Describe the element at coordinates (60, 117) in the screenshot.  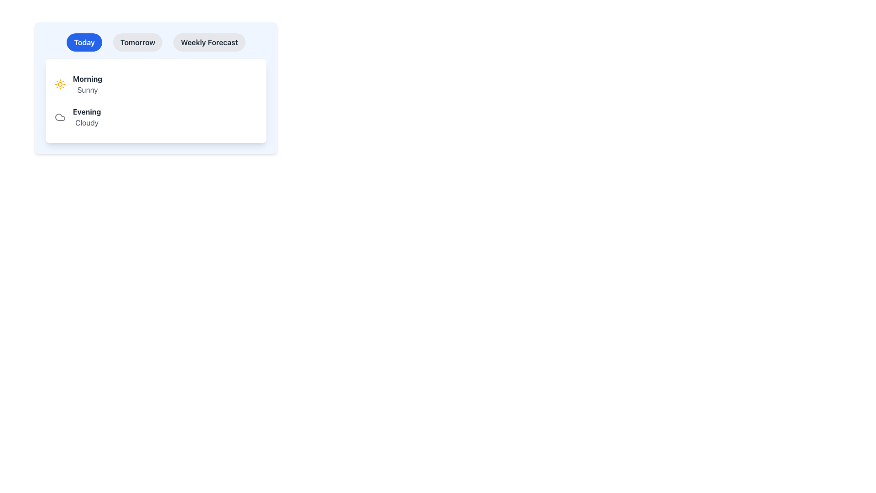
I see `the lower section of the cloud icon that visually represents cloudy weather conditions` at that location.